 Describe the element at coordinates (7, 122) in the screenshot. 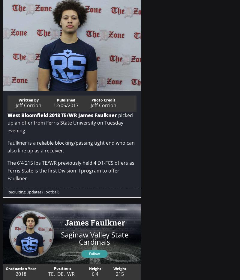

I see `'picked up an offer from Ferris State University on Tuesday evening.'` at that location.